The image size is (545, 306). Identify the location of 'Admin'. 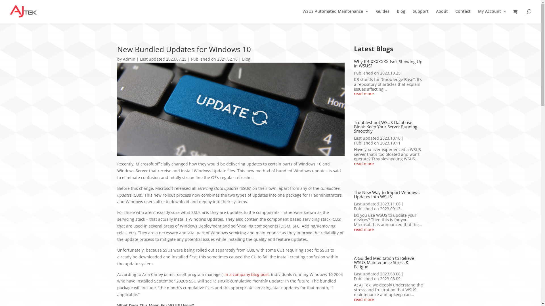
(122, 59).